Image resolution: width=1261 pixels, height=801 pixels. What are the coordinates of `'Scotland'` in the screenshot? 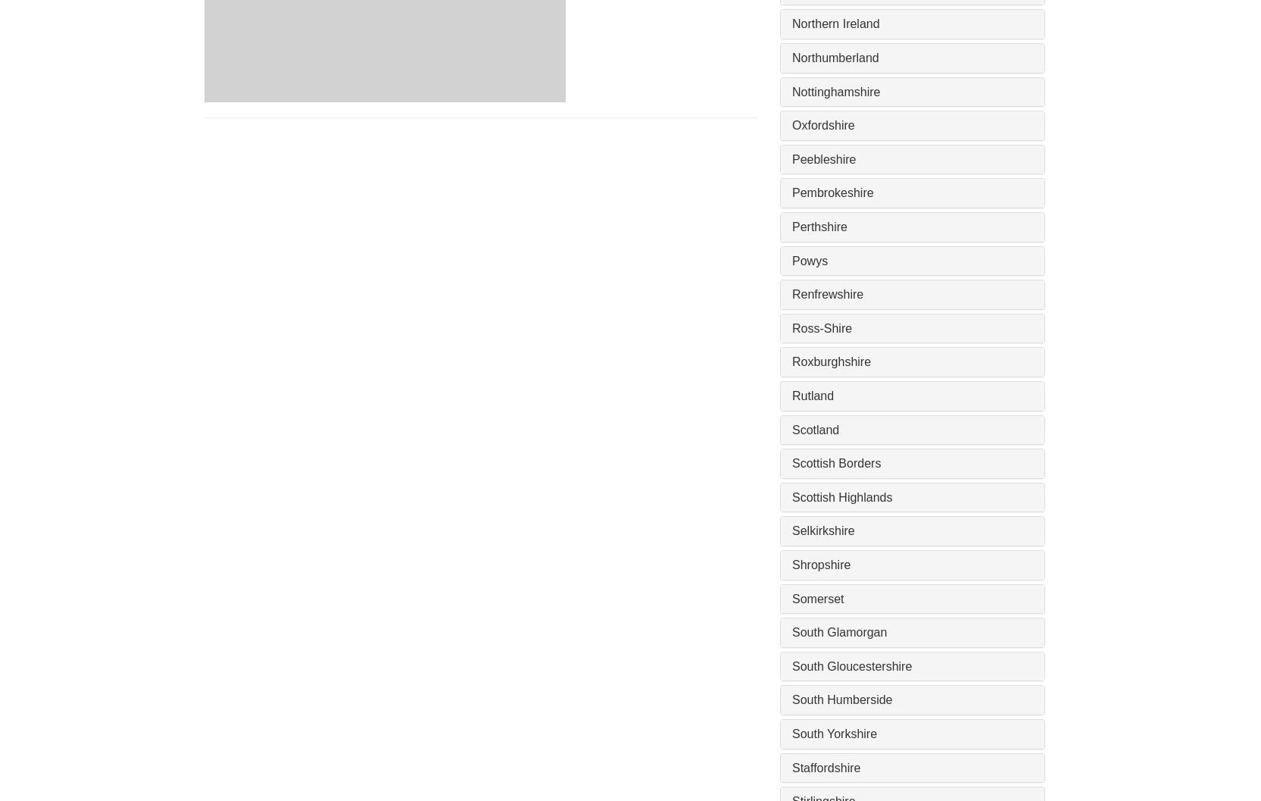 It's located at (791, 428).